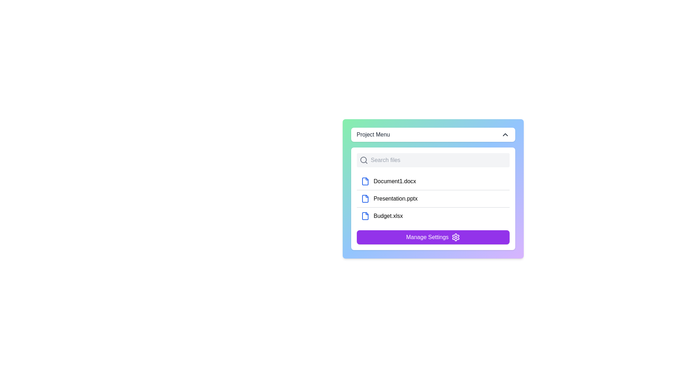  I want to click on the file icon representing 'Document1.docx', which is located to the left of the text in the file list interface, so click(365, 181).